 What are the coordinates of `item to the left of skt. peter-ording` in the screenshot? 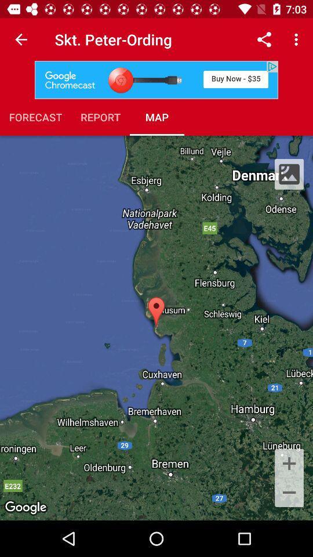 It's located at (21, 39).